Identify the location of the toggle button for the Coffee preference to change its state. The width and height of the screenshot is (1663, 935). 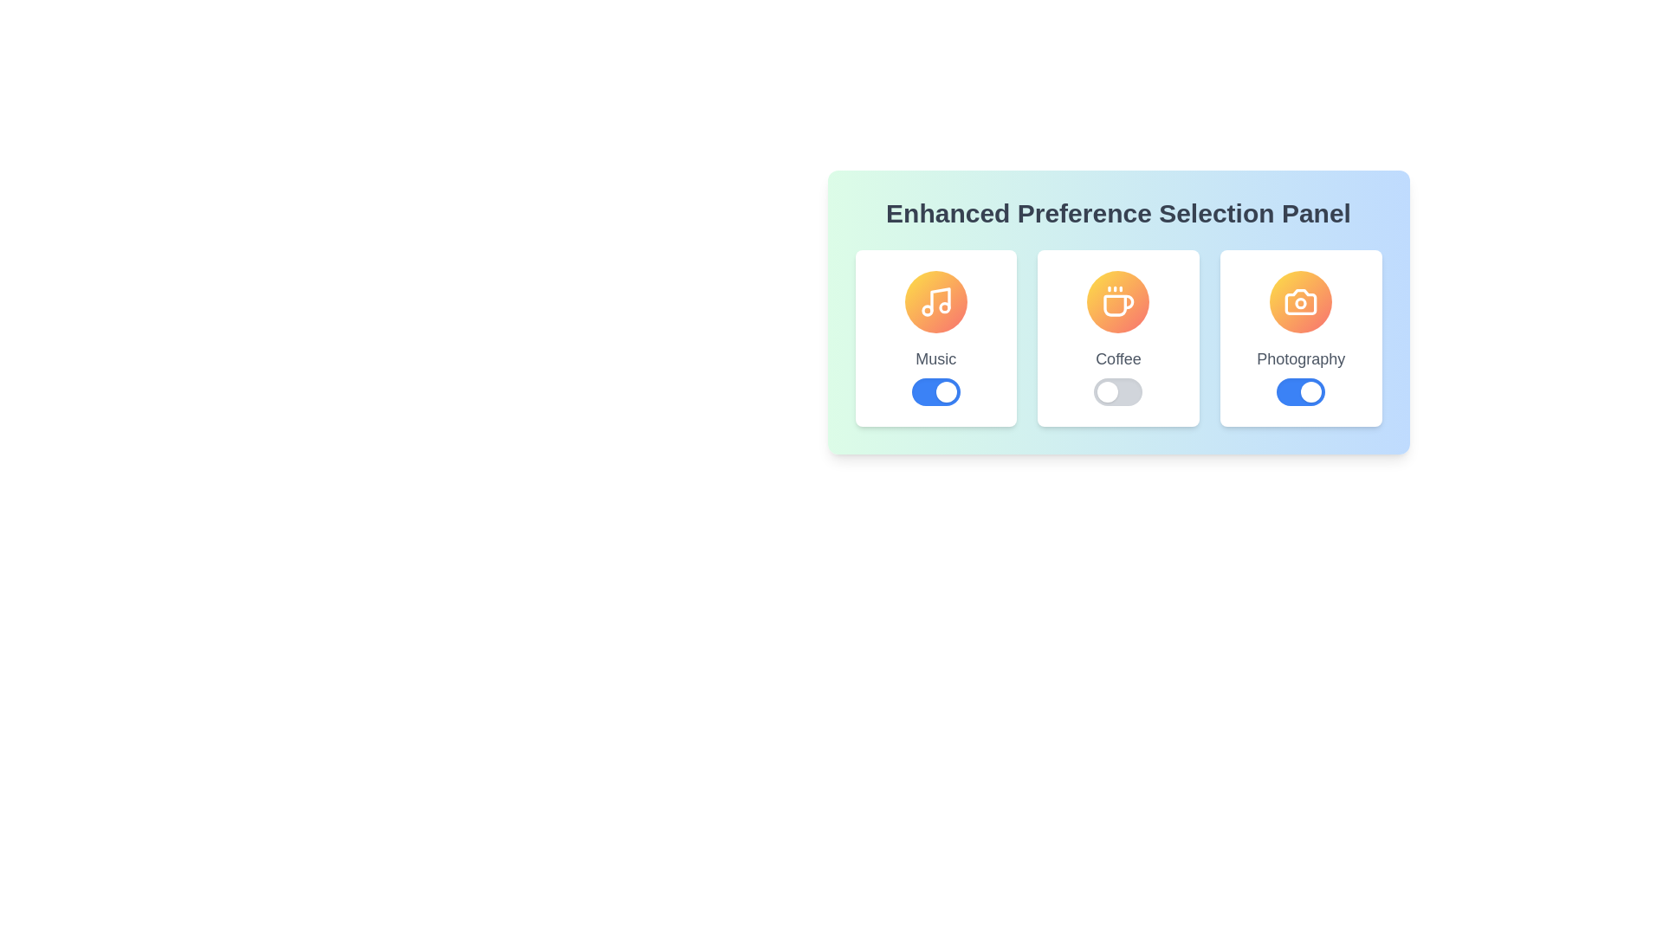
(1118, 391).